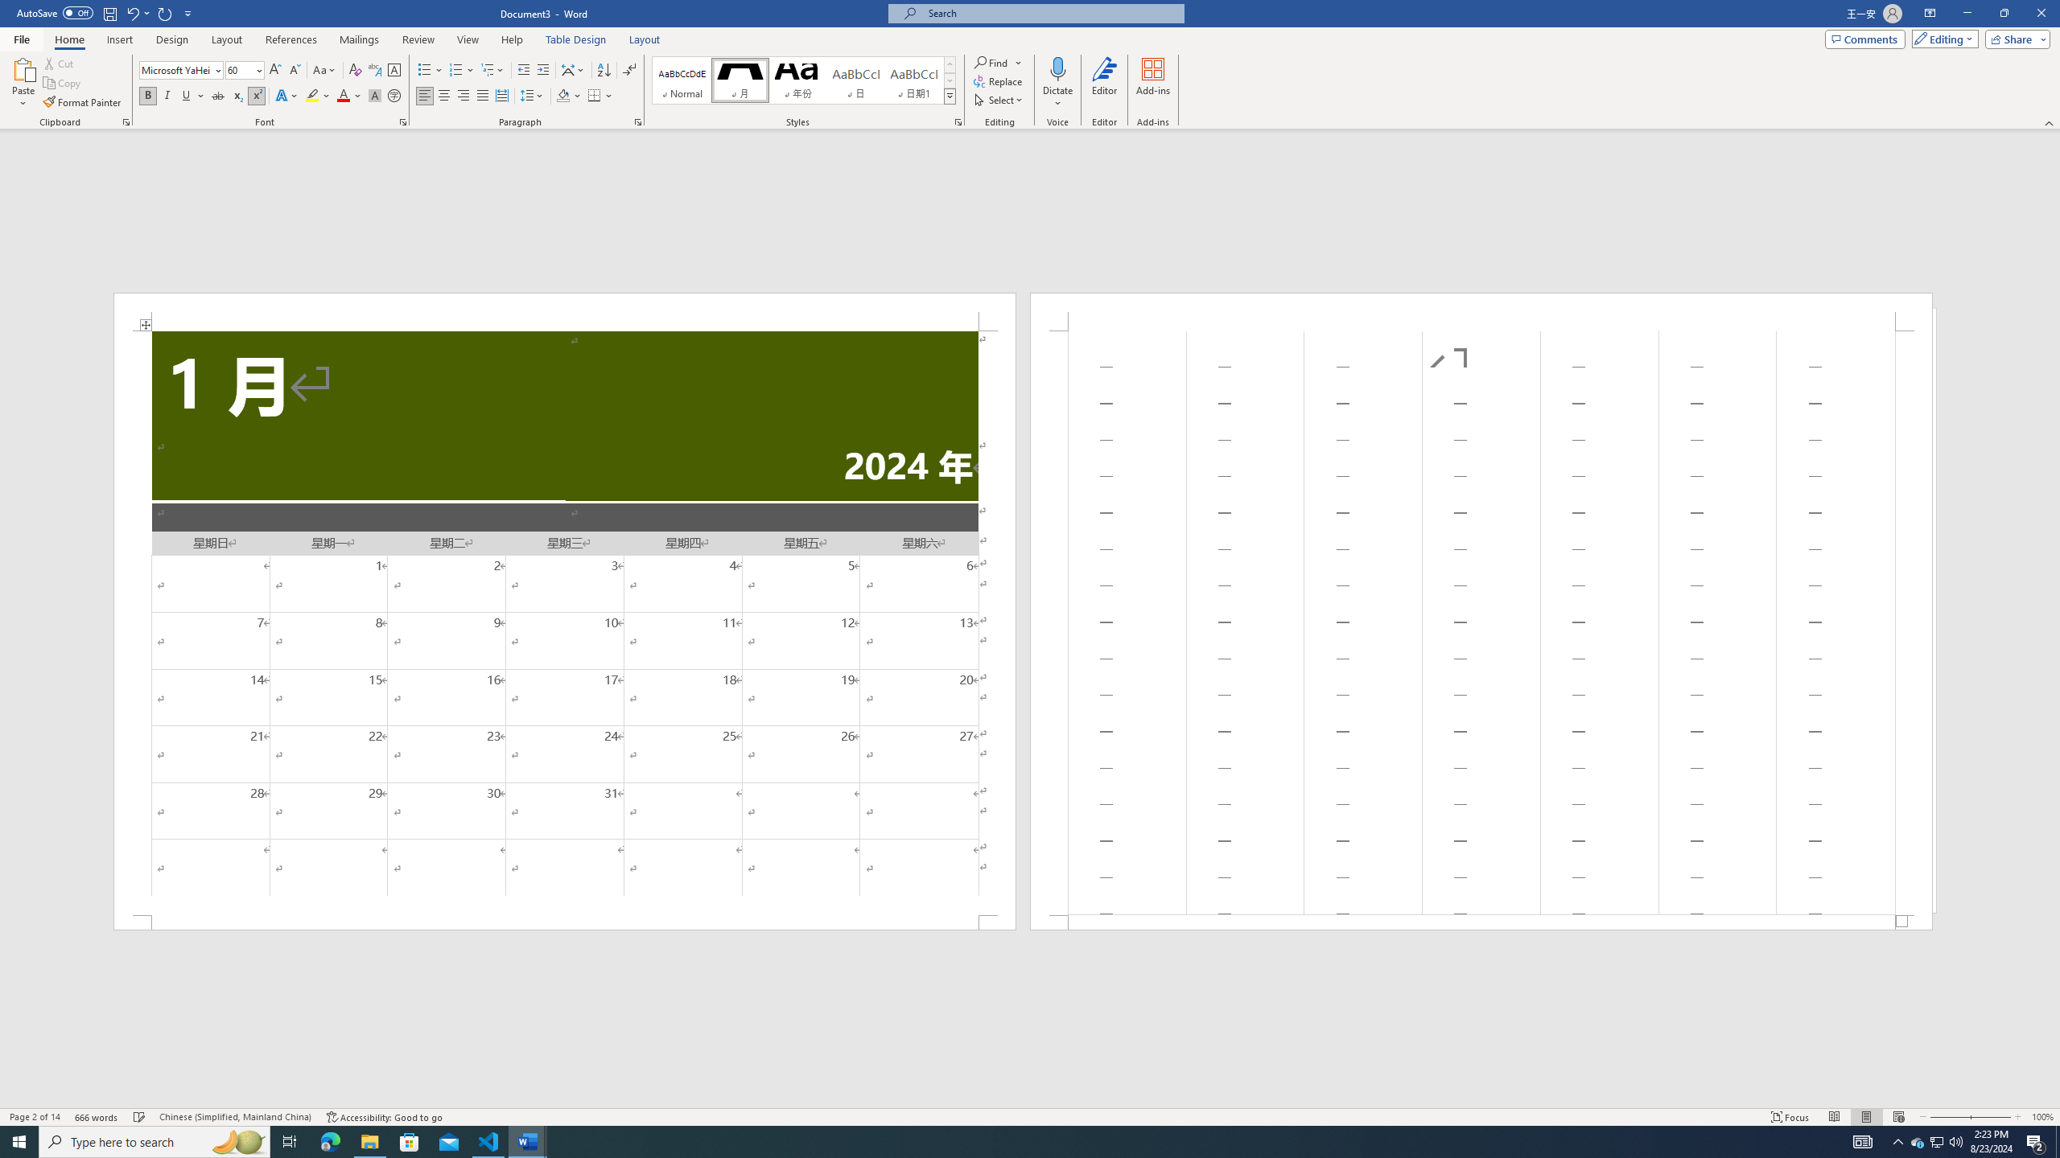  I want to click on 'Table Design', so click(576, 39).